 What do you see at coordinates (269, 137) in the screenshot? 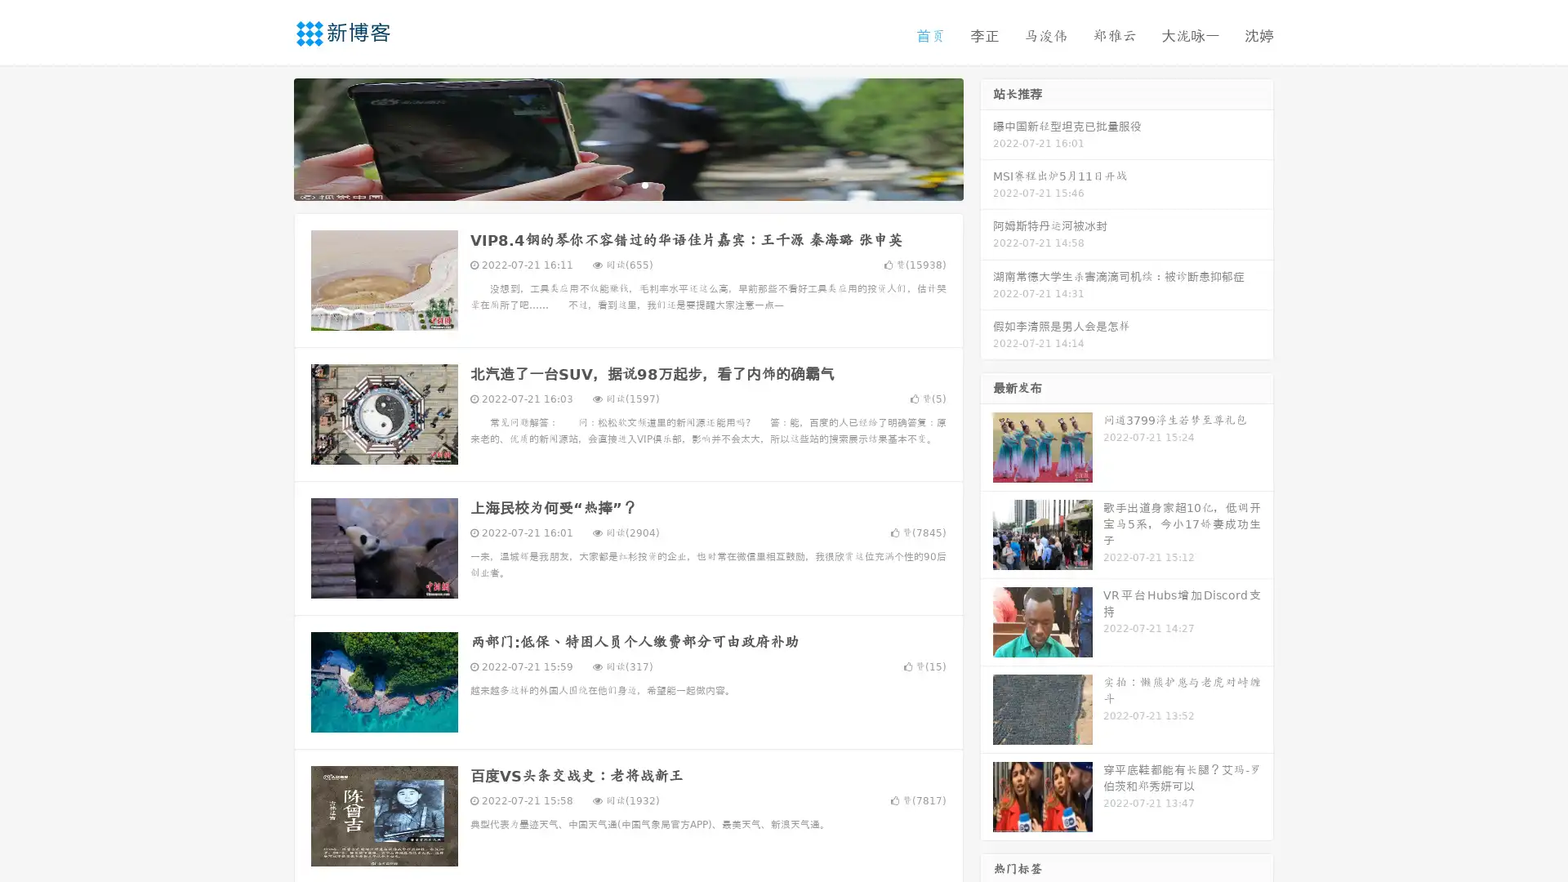
I see `Previous slide` at bounding box center [269, 137].